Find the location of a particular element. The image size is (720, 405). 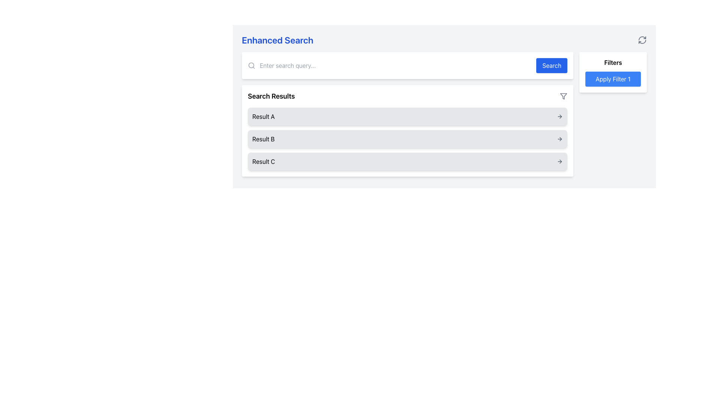

the static text header labeled 'Search Results', which is styled in bold and larger font, located above a list of items in the search results section is located at coordinates (271, 96).